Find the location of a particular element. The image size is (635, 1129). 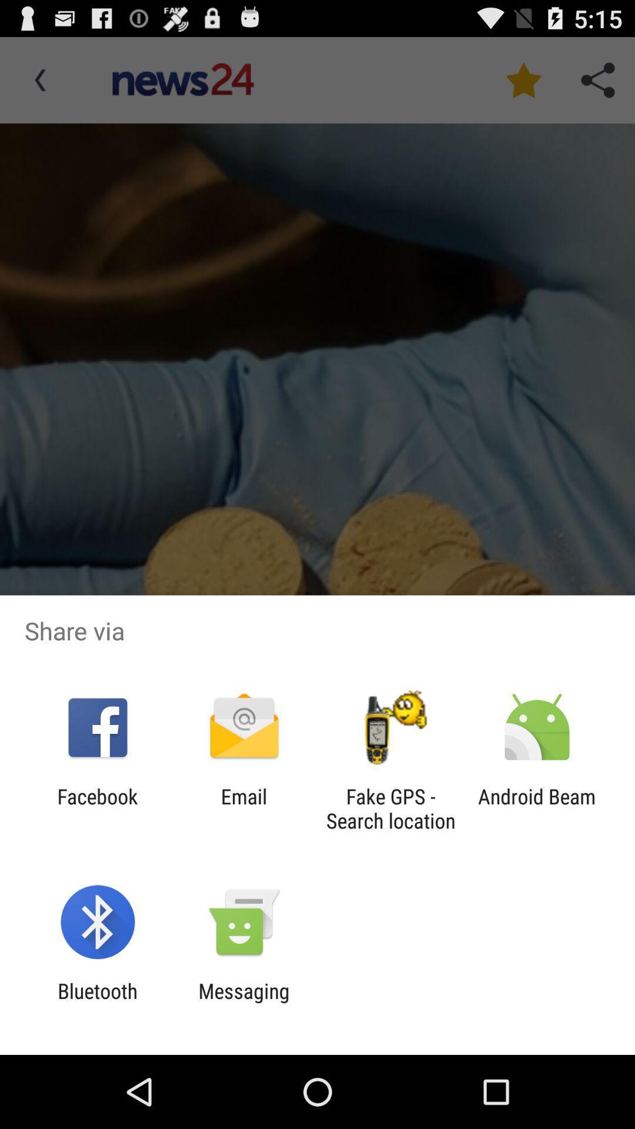

the fake gps search app is located at coordinates (390, 808).